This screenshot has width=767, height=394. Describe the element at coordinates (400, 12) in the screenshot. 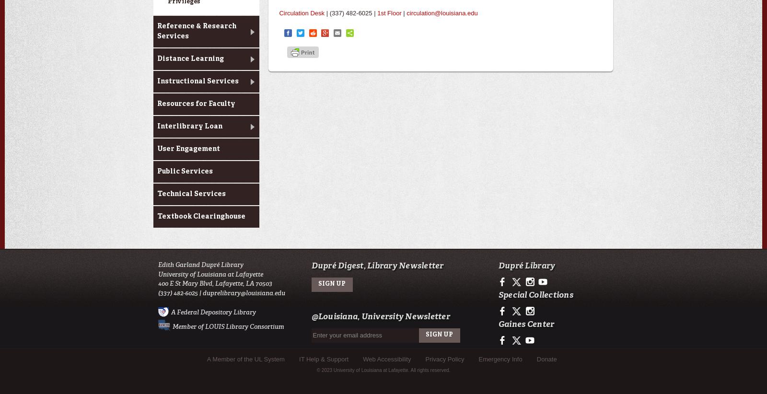

I see `'|'` at that location.